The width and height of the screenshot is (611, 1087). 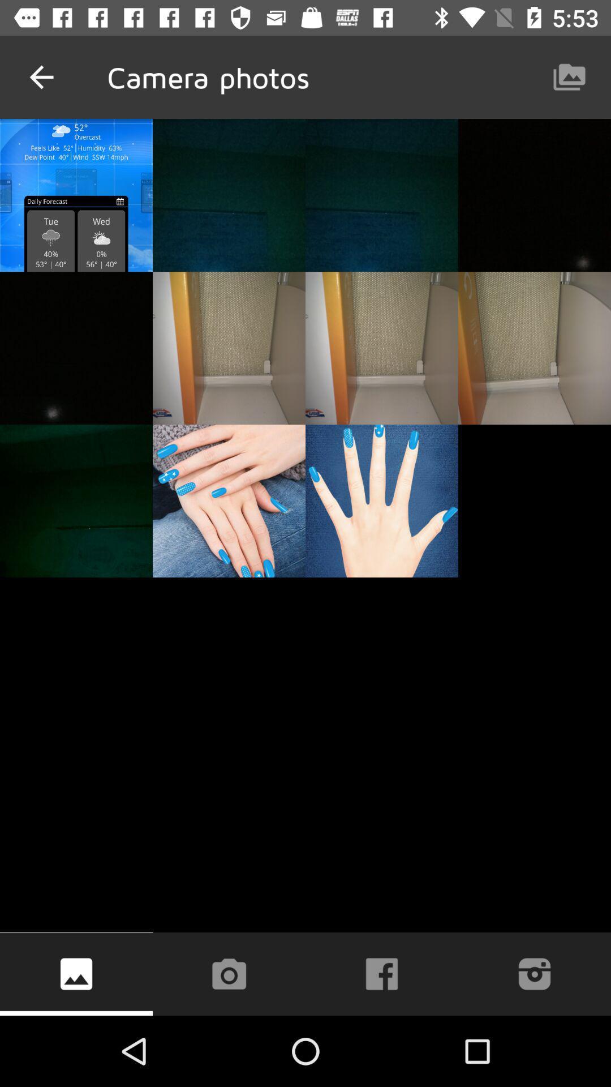 What do you see at coordinates (41, 76) in the screenshot?
I see `the item next to the camera photos` at bounding box center [41, 76].